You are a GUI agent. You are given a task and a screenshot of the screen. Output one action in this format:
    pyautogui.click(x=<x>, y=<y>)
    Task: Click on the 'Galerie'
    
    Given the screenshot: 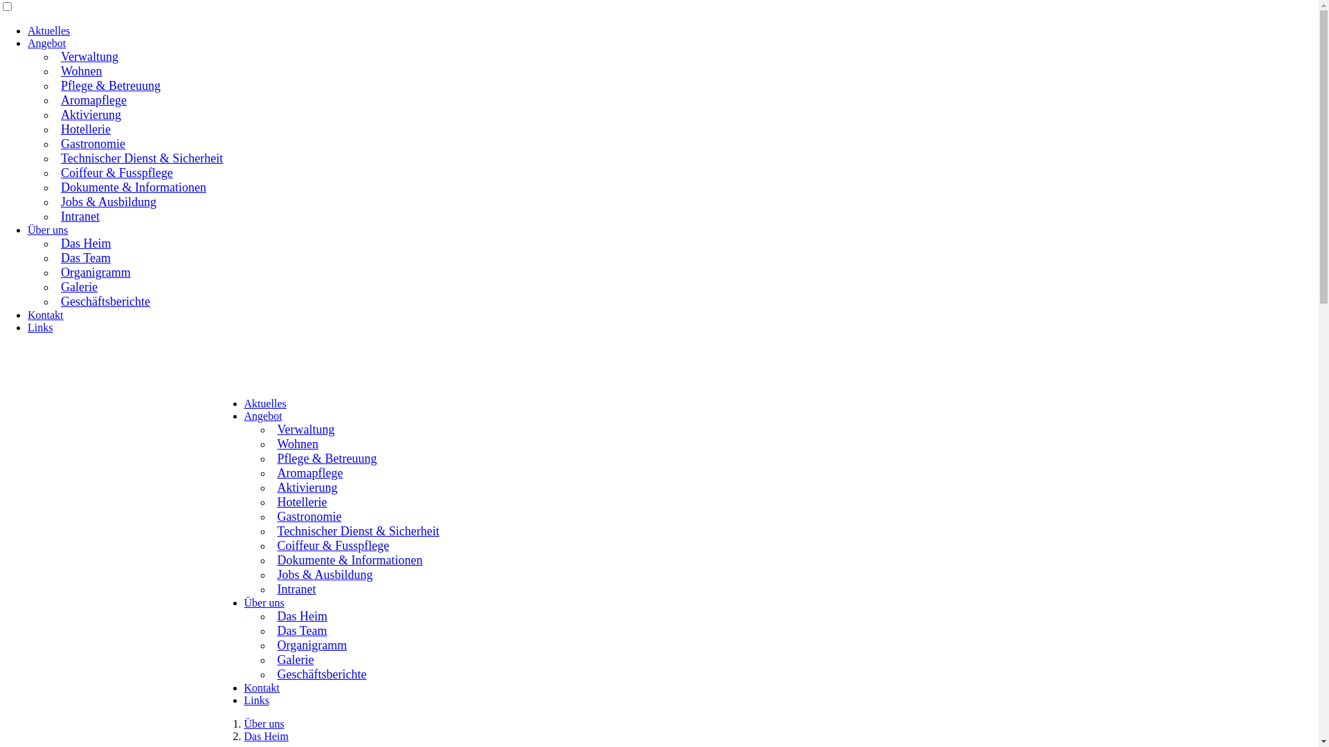 What is the action you would take?
    pyautogui.click(x=77, y=284)
    